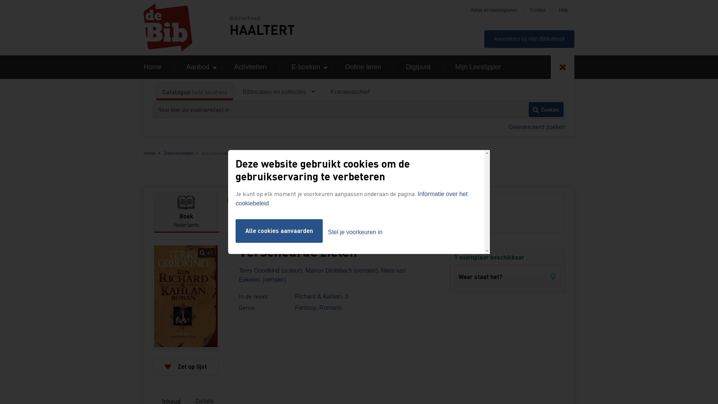 This screenshot has width=718, height=404. What do you see at coordinates (508, 126) in the screenshot?
I see `'Geavanceerd zoeken'` at bounding box center [508, 126].